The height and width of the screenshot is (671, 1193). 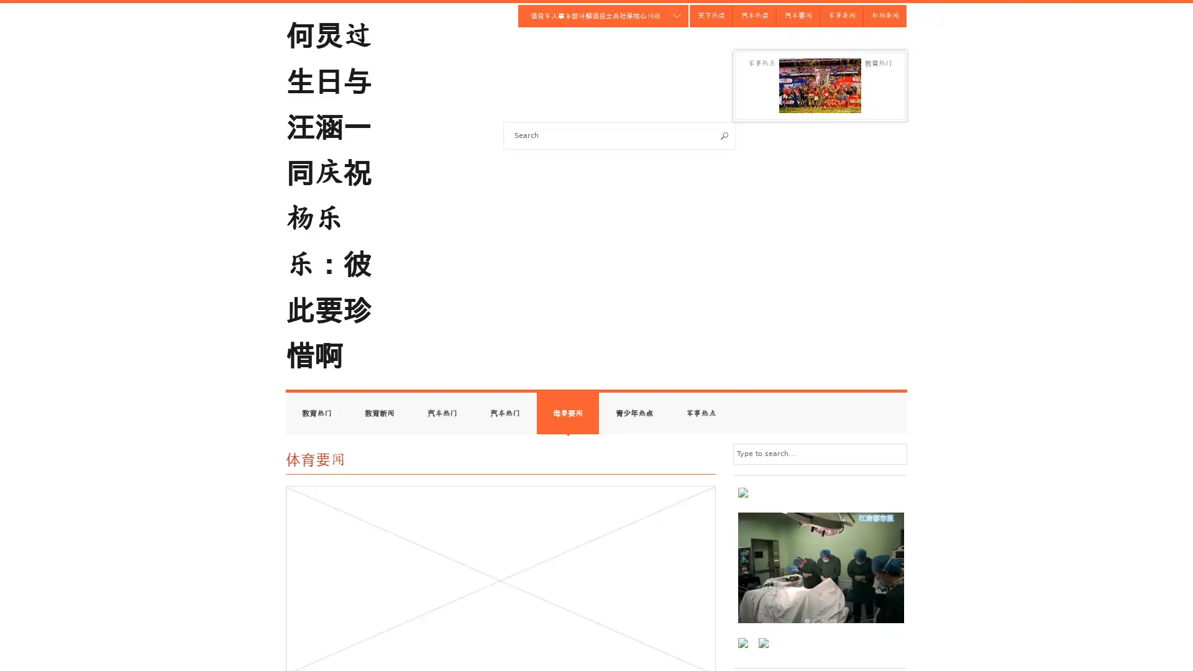 What do you see at coordinates (724, 135) in the screenshot?
I see `Search` at bounding box center [724, 135].